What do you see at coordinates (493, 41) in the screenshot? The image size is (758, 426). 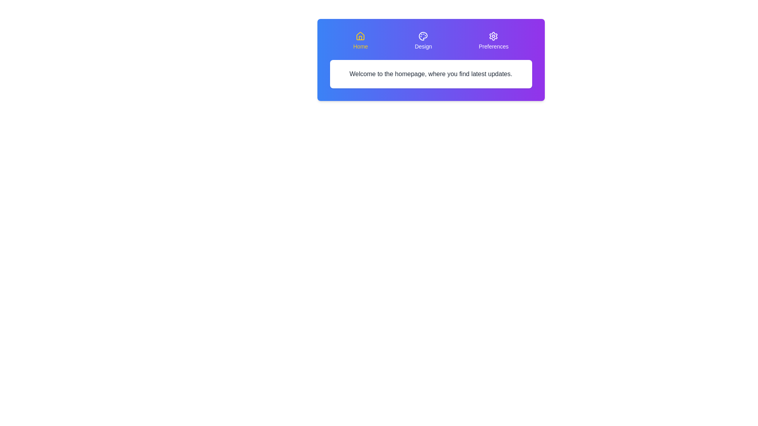 I see `the tab labeled Preferences to observe its hover effect` at bounding box center [493, 41].